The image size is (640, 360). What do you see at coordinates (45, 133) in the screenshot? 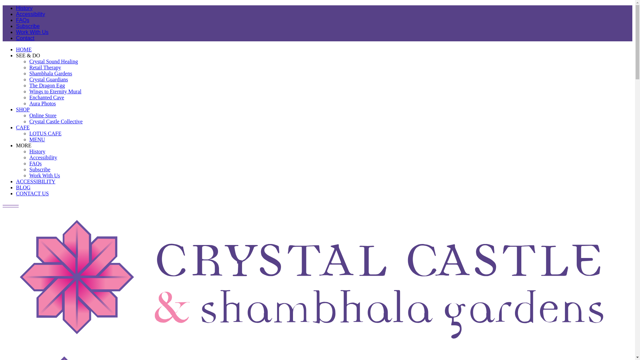
I see `'LOTUS CAFE'` at bounding box center [45, 133].